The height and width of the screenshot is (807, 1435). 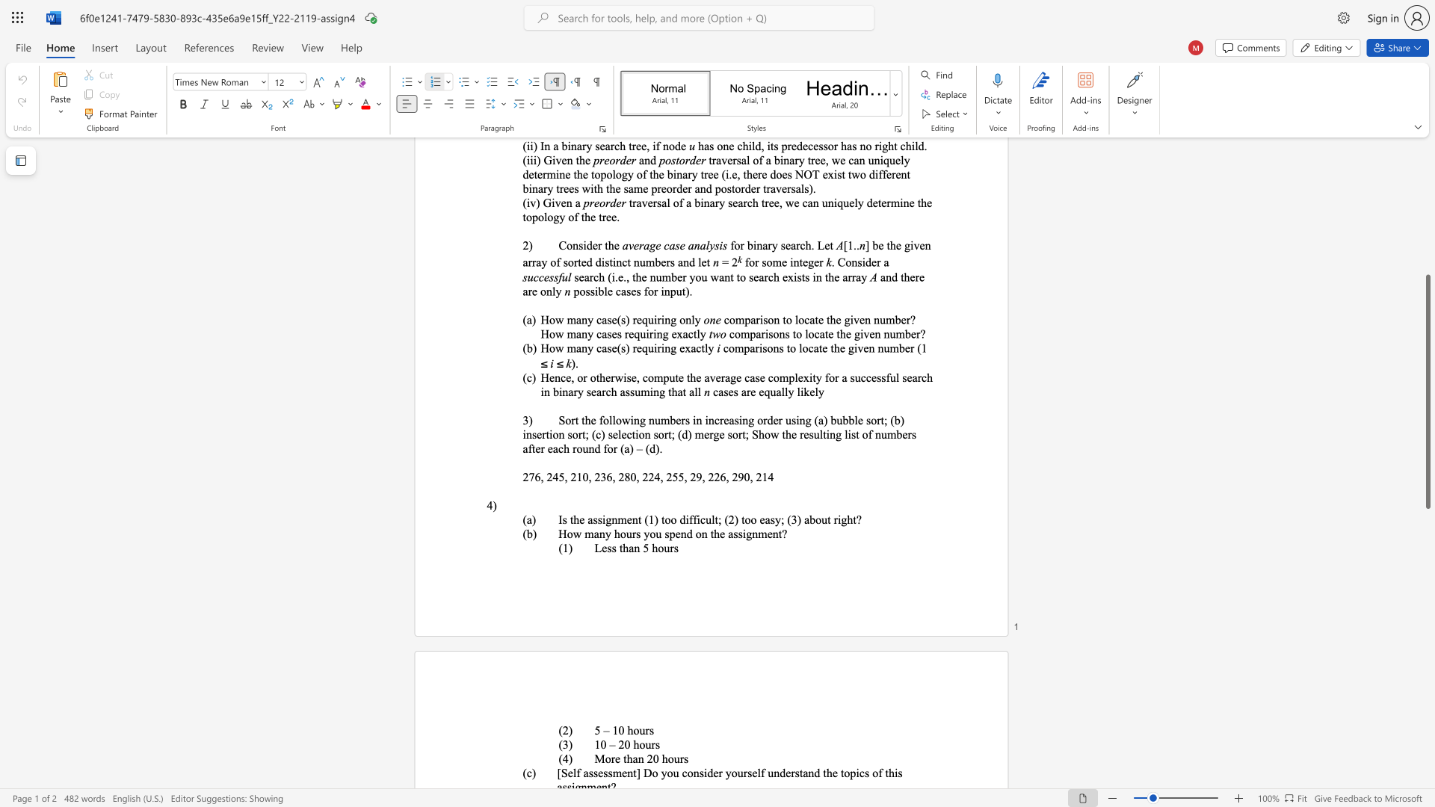 What do you see at coordinates (715, 519) in the screenshot?
I see `the 4th character "t" in the text` at bounding box center [715, 519].